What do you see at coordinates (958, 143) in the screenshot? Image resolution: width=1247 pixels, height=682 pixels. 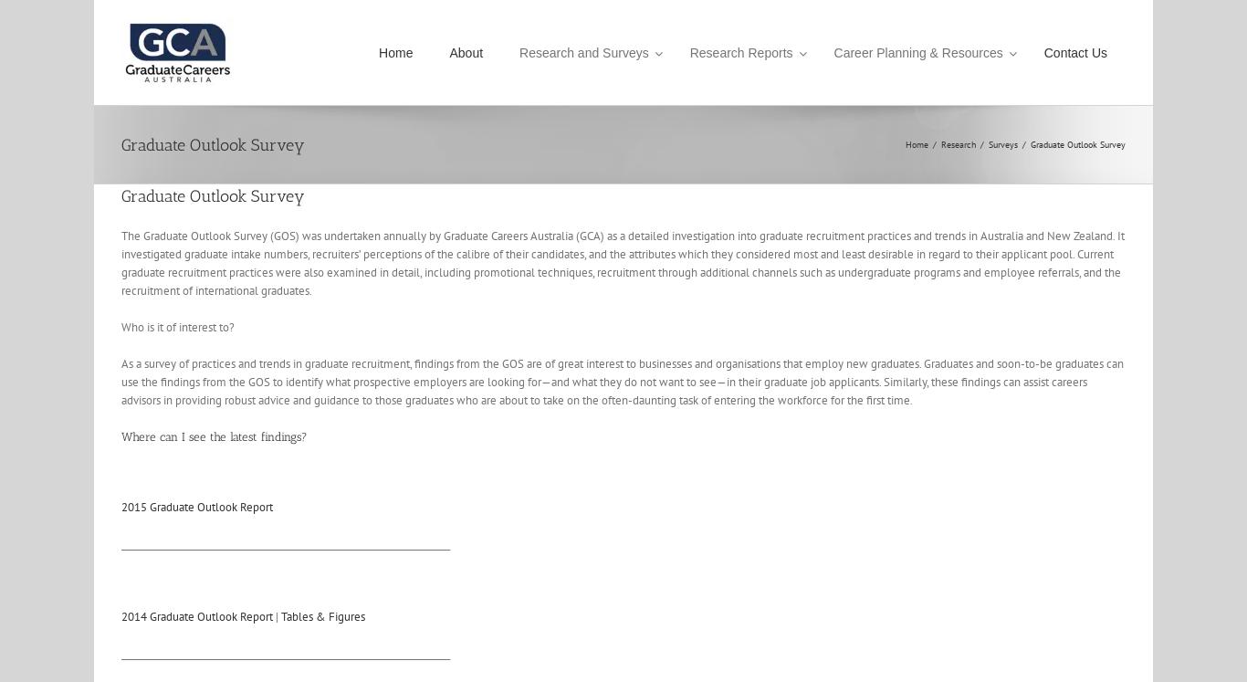 I see `'Research'` at bounding box center [958, 143].